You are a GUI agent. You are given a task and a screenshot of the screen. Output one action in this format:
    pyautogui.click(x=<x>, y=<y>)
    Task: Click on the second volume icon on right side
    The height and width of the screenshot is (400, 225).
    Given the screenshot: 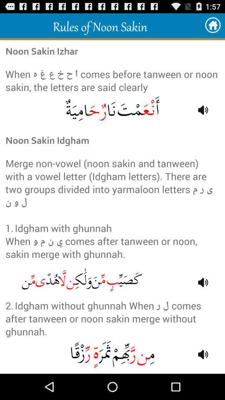 What is the action you would take?
    pyautogui.click(x=202, y=282)
    